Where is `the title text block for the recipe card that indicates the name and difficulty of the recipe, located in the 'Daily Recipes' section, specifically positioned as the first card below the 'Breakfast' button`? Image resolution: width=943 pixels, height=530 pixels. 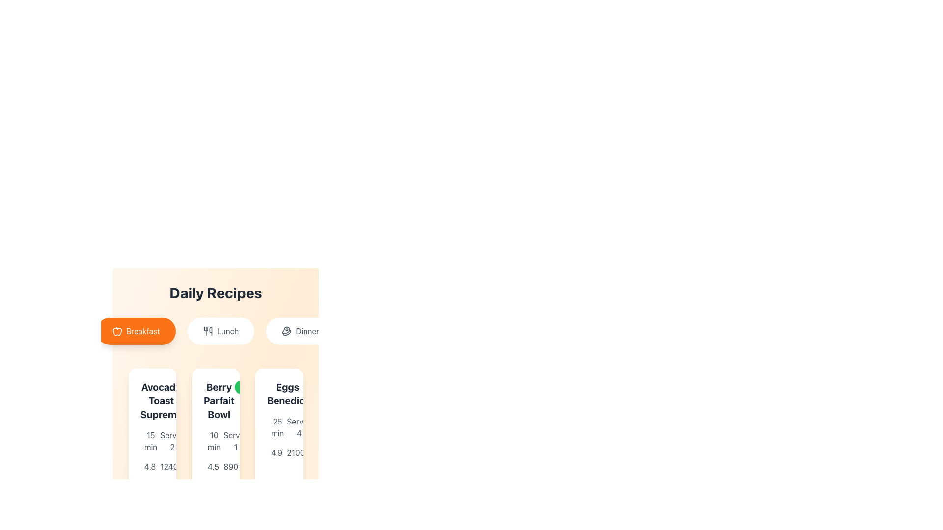
the title text block for the recipe card that indicates the name and difficulty of the recipe, located in the 'Daily Recipes' section, specifically positioned as the first card below the 'Breakfast' button is located at coordinates (152, 401).